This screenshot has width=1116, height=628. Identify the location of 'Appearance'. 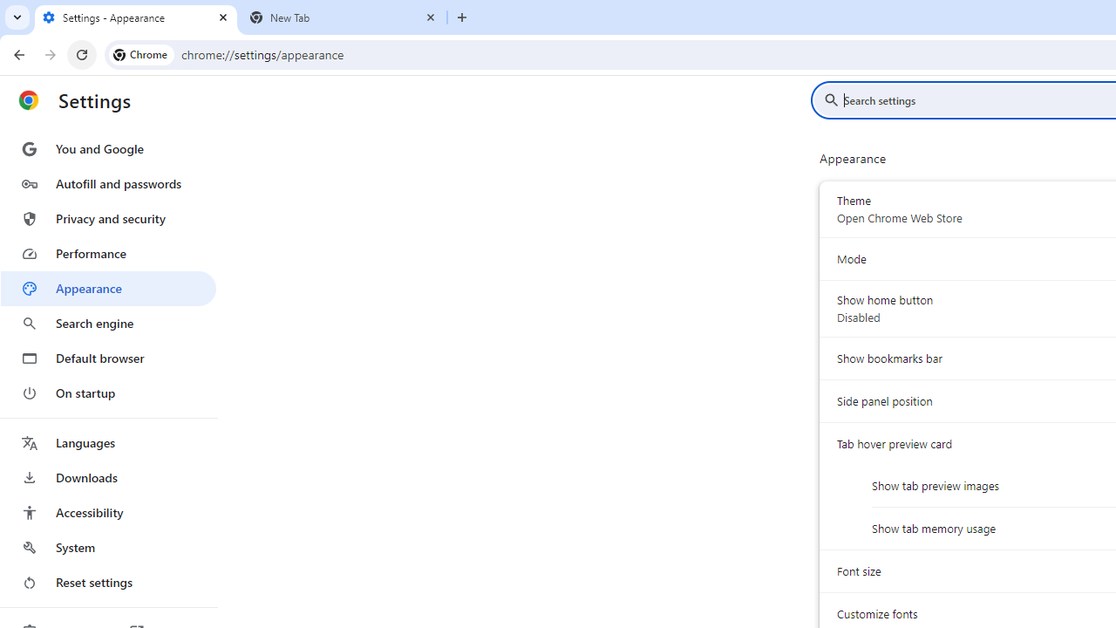
(107, 288).